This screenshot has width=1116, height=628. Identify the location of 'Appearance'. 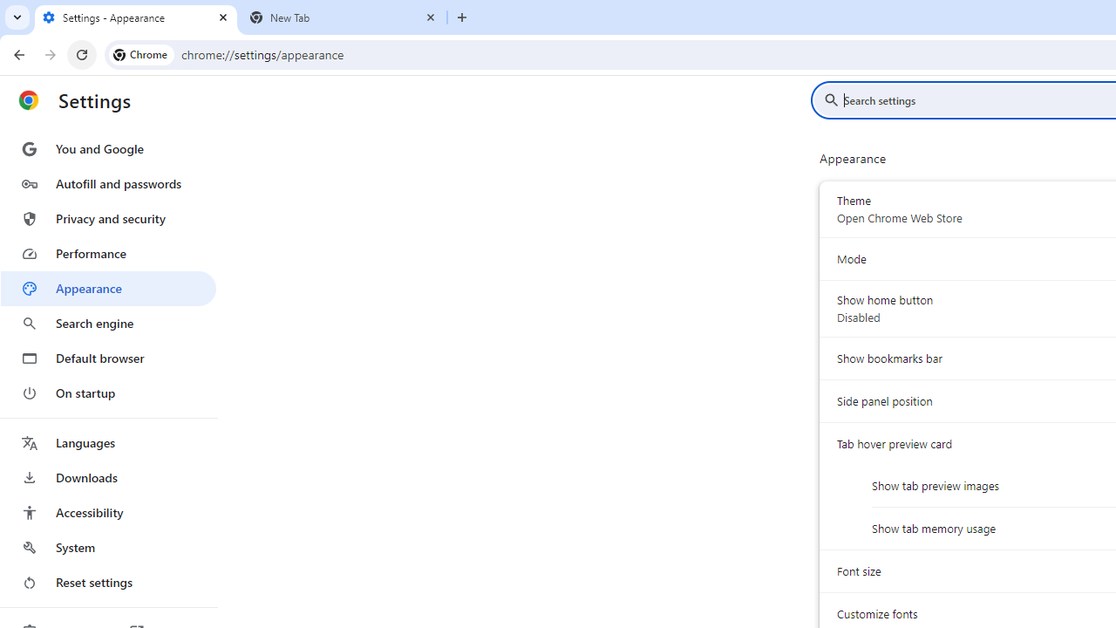
(107, 288).